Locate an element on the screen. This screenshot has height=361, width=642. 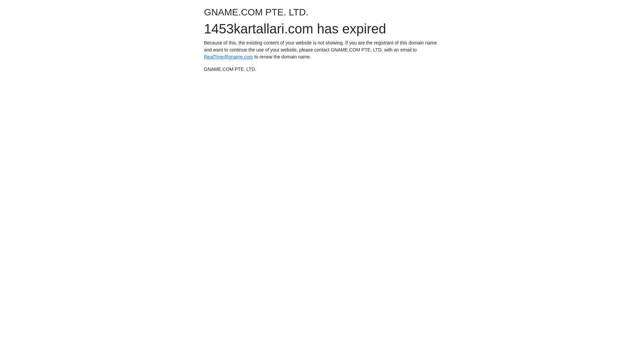
'RealTime@gname.com' is located at coordinates (228, 56).